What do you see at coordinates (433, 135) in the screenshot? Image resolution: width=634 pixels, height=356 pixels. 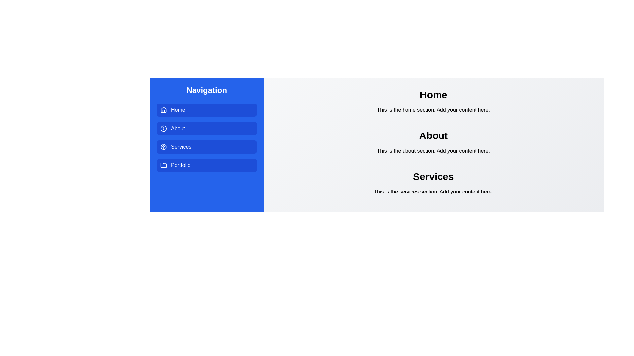 I see `the Heading text in the 'About' section` at bounding box center [433, 135].